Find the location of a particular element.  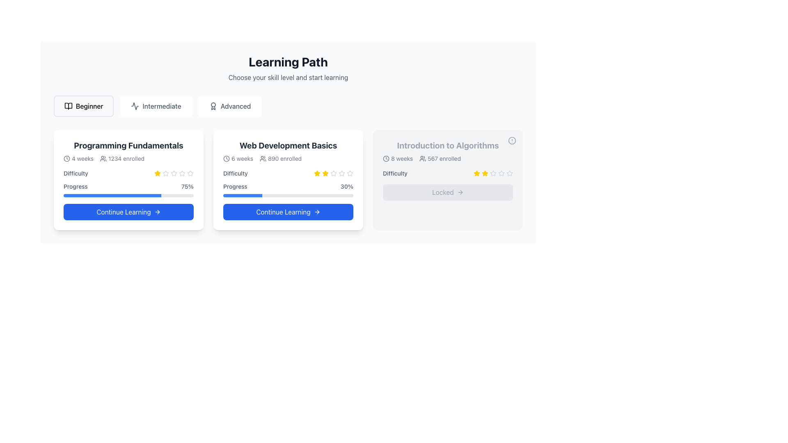

the alert icon represented by a circular warning symbol located at the top-right corner of the 'Introduction to Algorithms' course card is located at coordinates (512, 140).